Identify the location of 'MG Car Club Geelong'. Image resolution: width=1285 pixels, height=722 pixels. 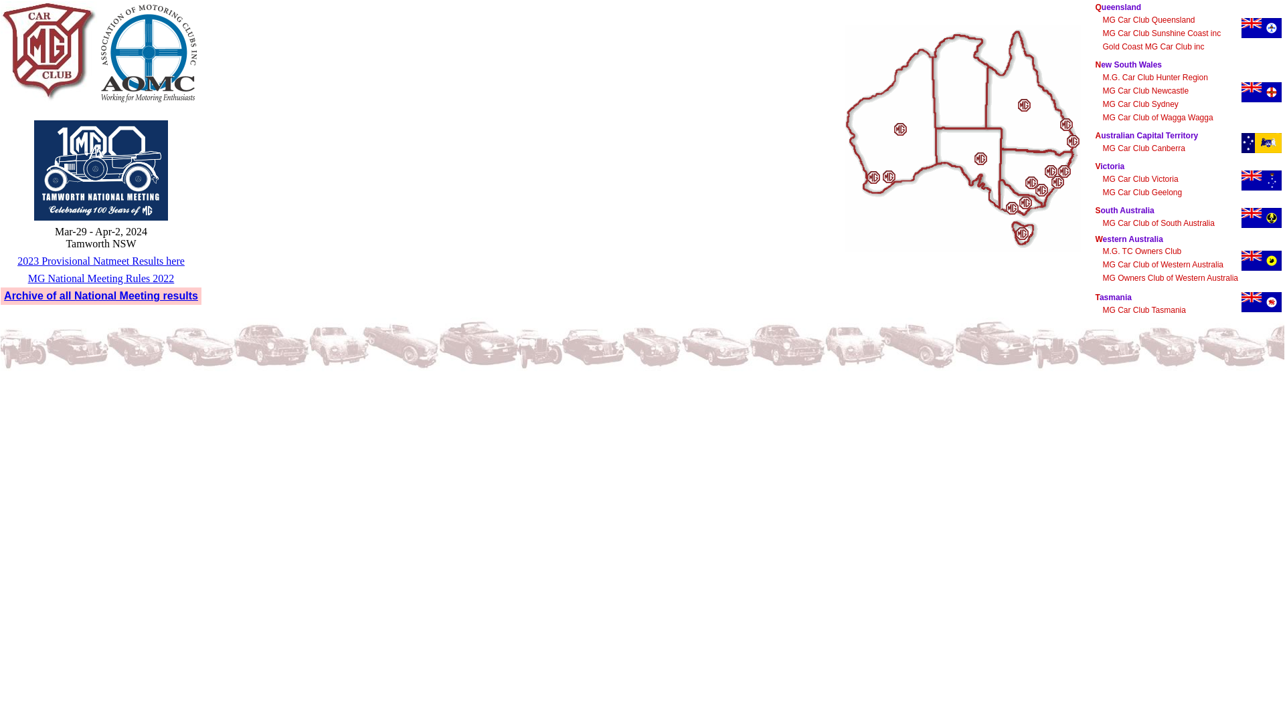
(1141, 193).